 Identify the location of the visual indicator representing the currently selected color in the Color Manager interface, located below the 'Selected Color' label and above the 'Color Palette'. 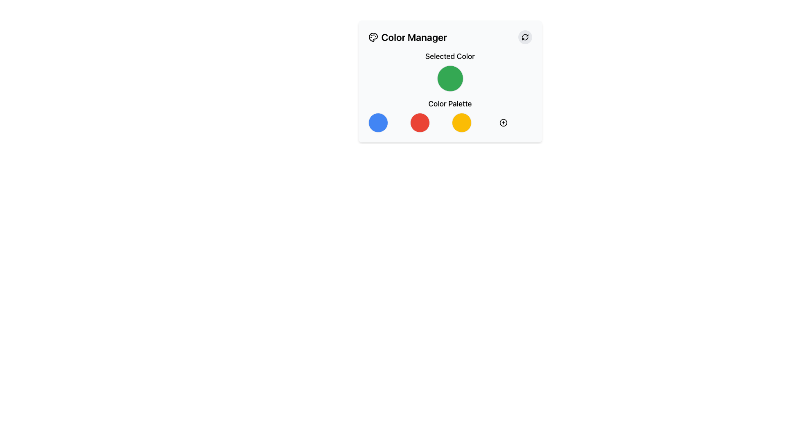
(449, 70).